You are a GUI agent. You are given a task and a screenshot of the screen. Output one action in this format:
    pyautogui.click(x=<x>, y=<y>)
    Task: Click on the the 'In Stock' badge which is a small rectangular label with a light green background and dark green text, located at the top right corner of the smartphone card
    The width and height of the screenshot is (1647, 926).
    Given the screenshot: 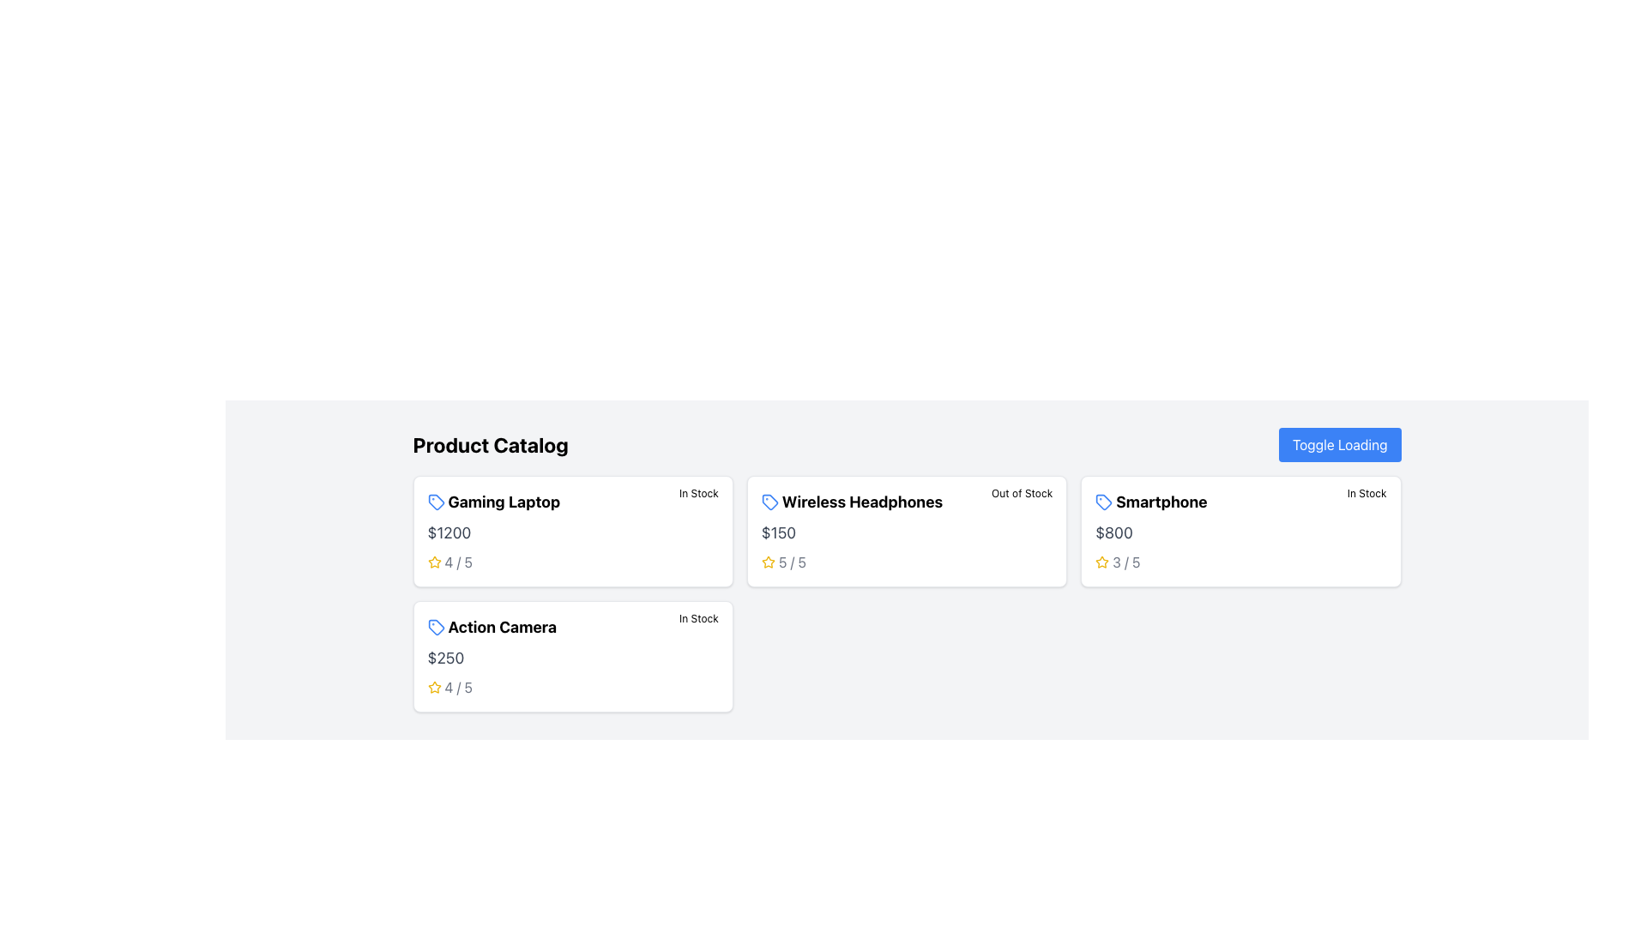 What is the action you would take?
    pyautogui.click(x=1366, y=493)
    